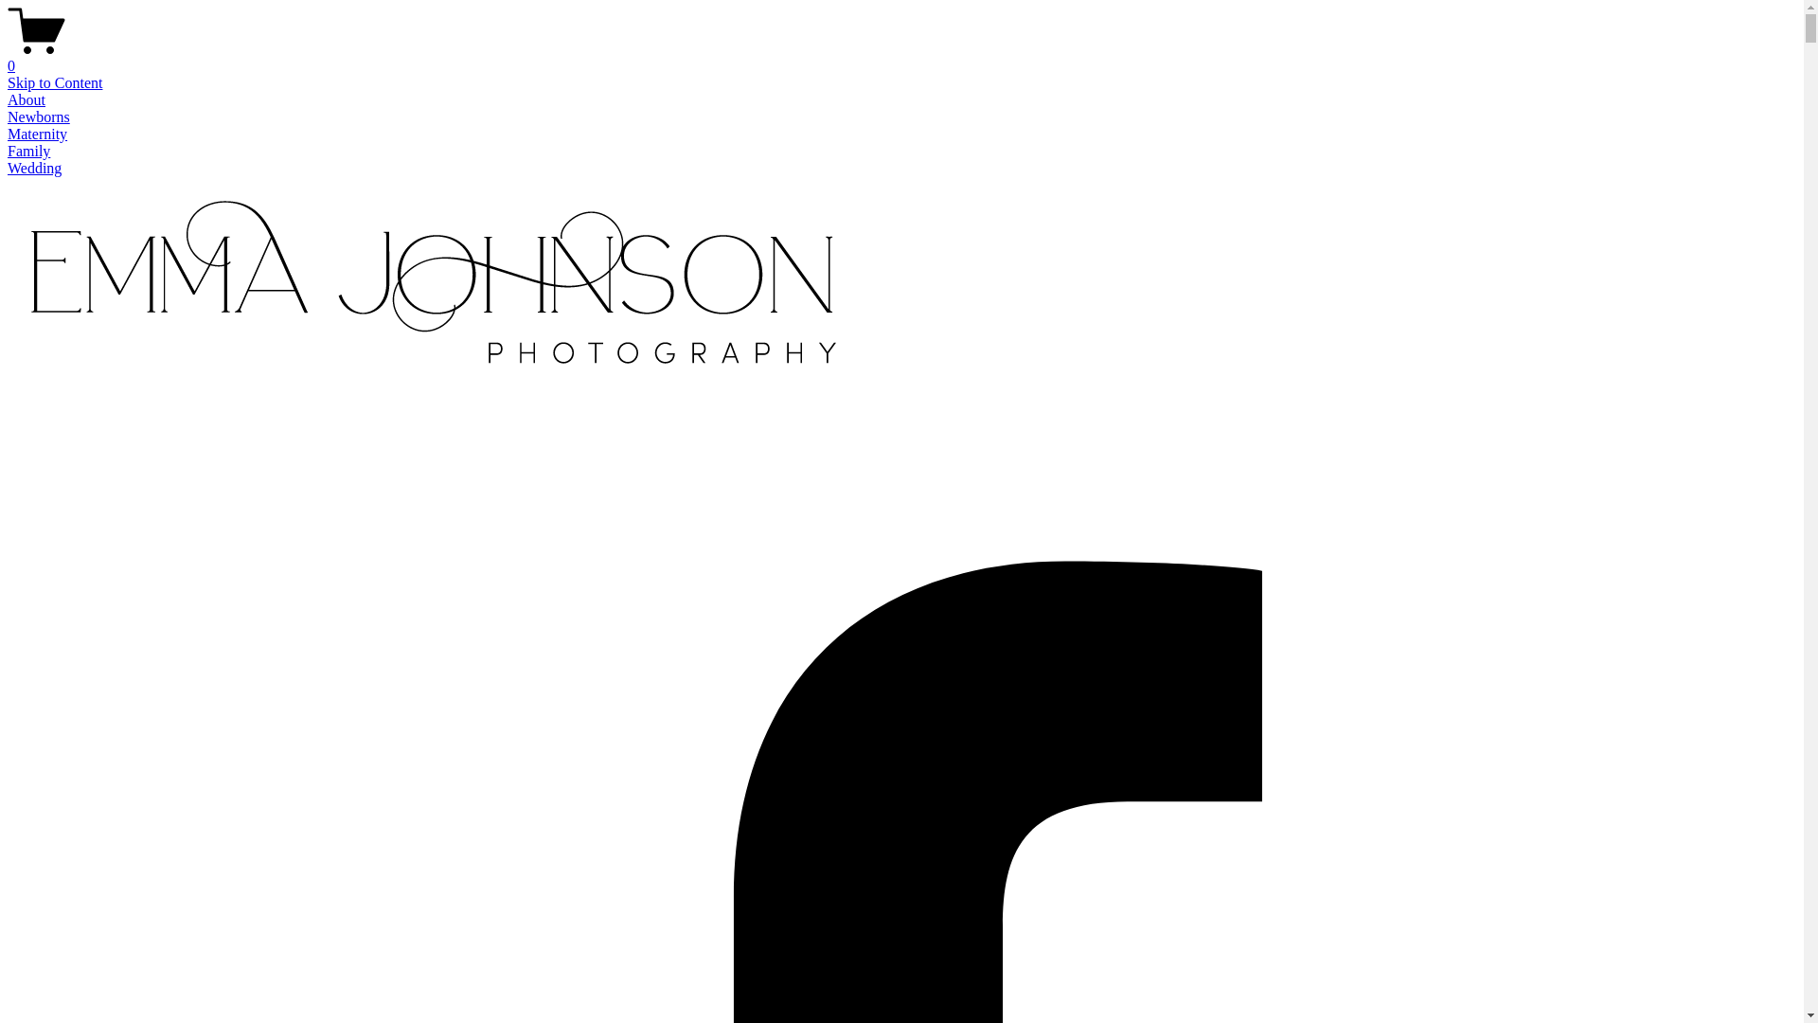  I want to click on '0', so click(900, 57).